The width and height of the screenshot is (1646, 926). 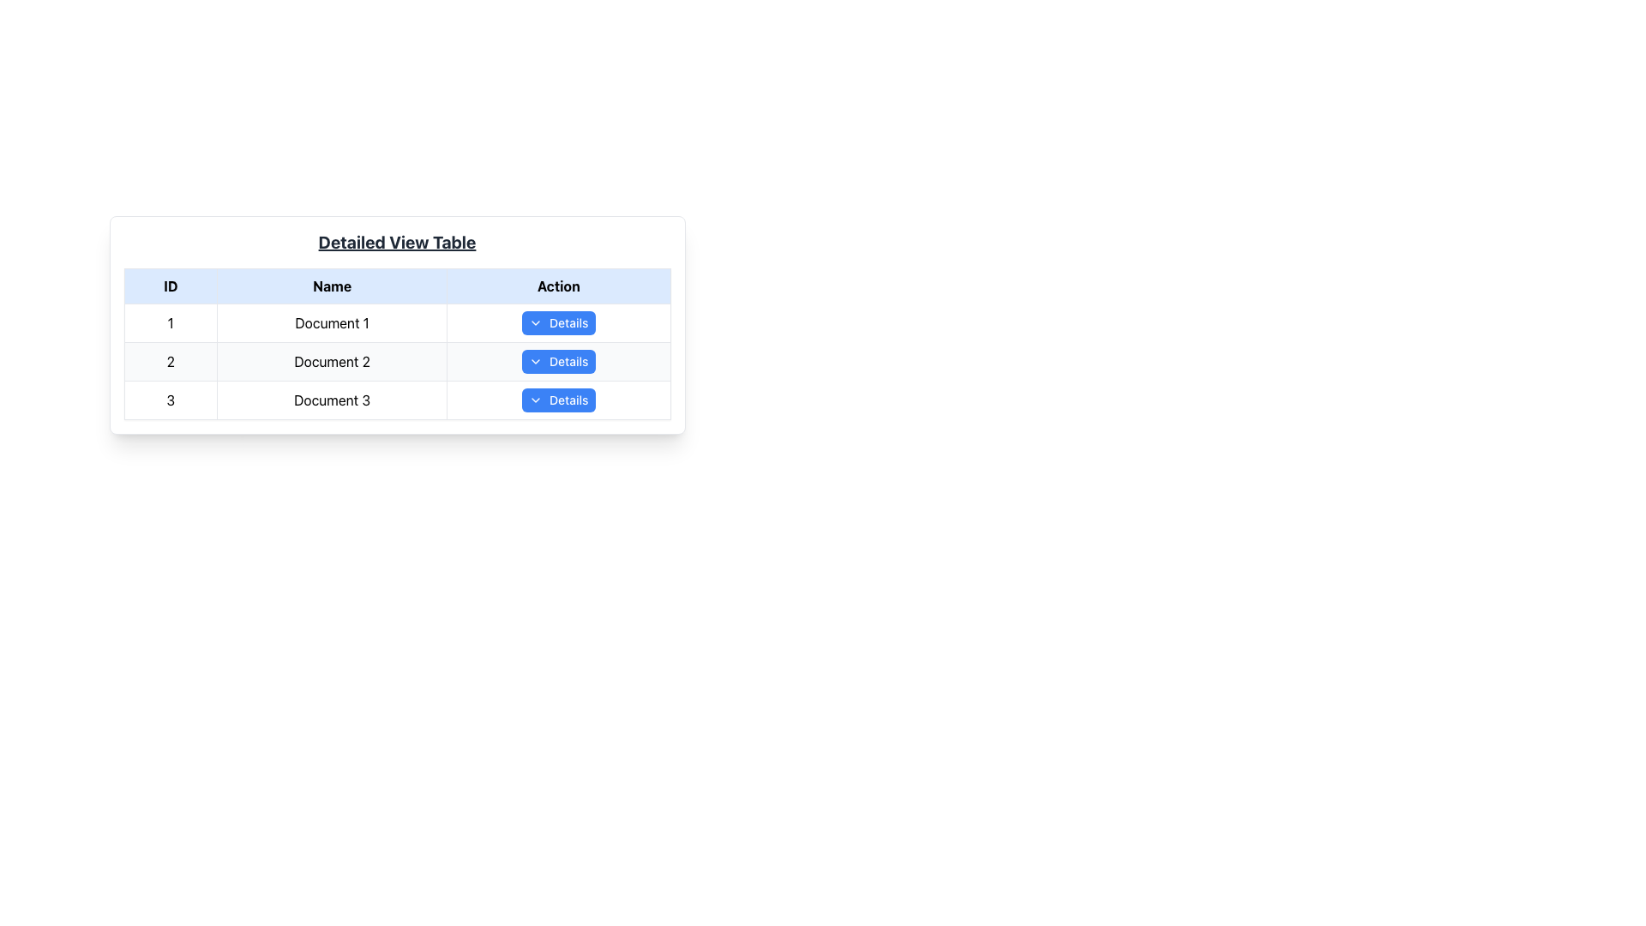 What do you see at coordinates (171, 360) in the screenshot?
I see `the text cell displaying the number '2', which is located in the first column of the second row under the 'ID' column header in a data table` at bounding box center [171, 360].